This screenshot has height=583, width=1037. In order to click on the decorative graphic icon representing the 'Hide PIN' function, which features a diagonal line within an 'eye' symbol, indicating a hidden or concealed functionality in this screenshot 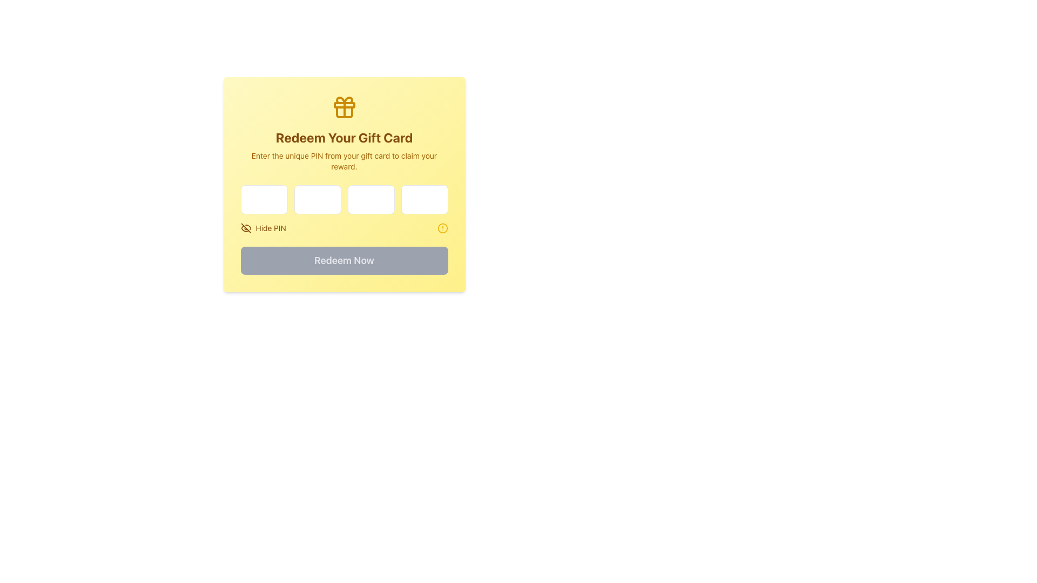, I will do `click(245, 228)`.